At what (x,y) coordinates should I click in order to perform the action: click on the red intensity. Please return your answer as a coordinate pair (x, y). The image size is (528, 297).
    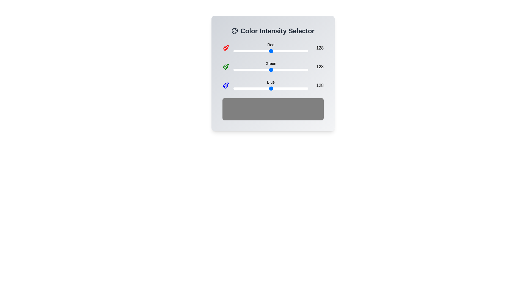
    Looking at the image, I should click on (241, 51).